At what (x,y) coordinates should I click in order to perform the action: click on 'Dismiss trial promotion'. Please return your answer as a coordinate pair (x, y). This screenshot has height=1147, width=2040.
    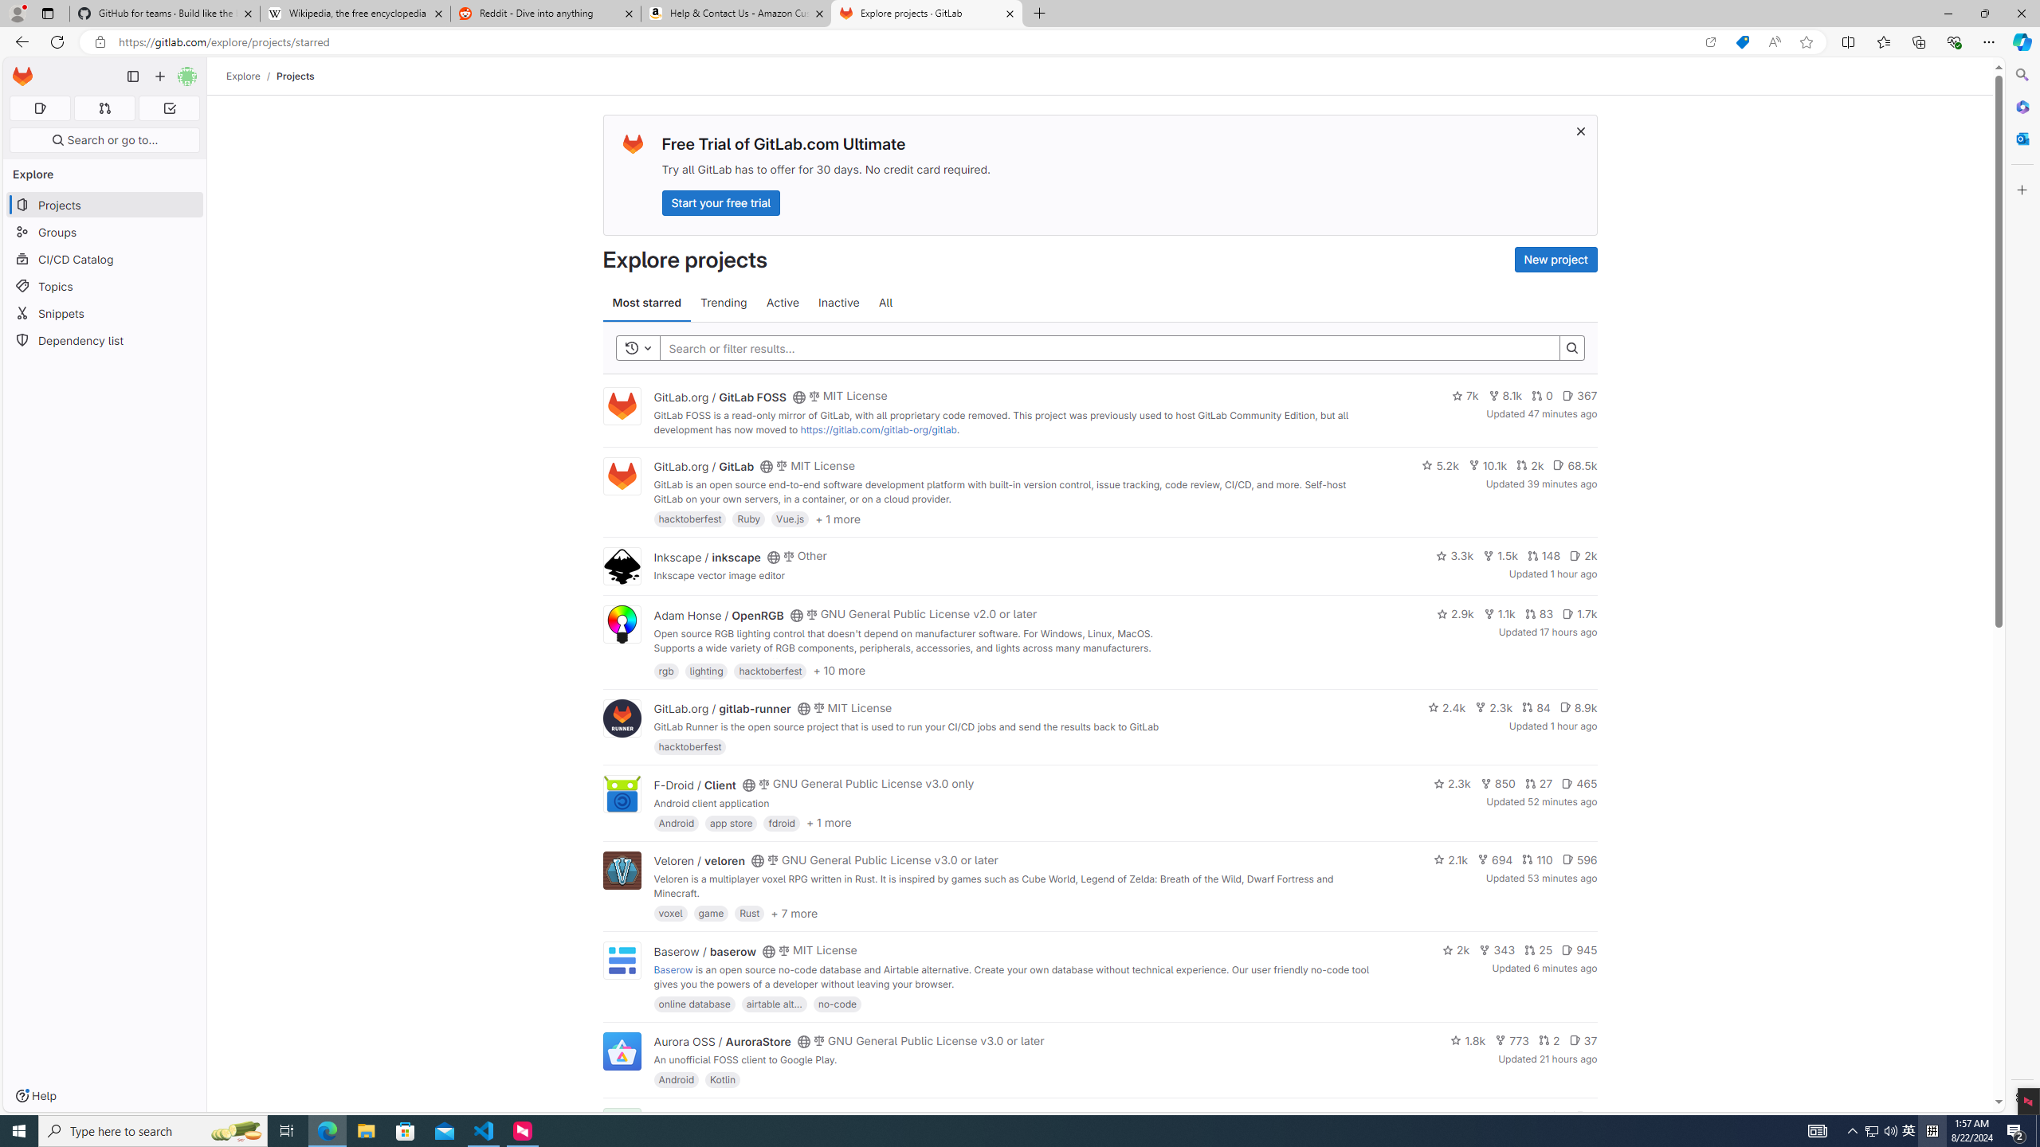
    Looking at the image, I should click on (1581, 131).